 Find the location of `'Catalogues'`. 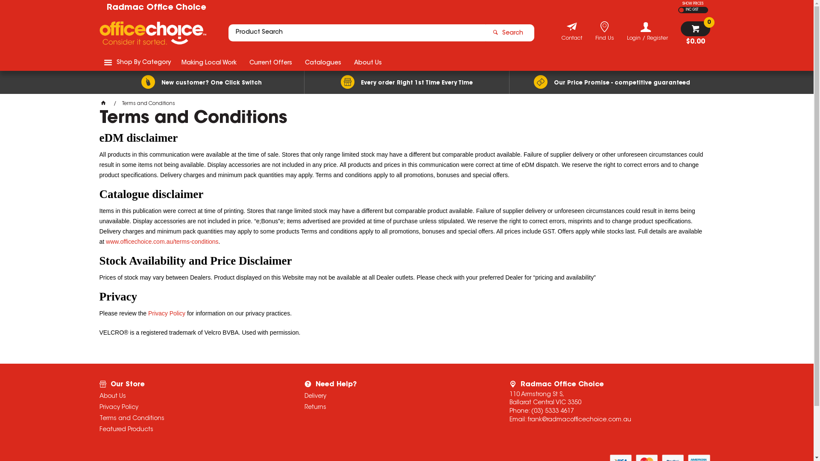

'Catalogues' is located at coordinates (322, 62).